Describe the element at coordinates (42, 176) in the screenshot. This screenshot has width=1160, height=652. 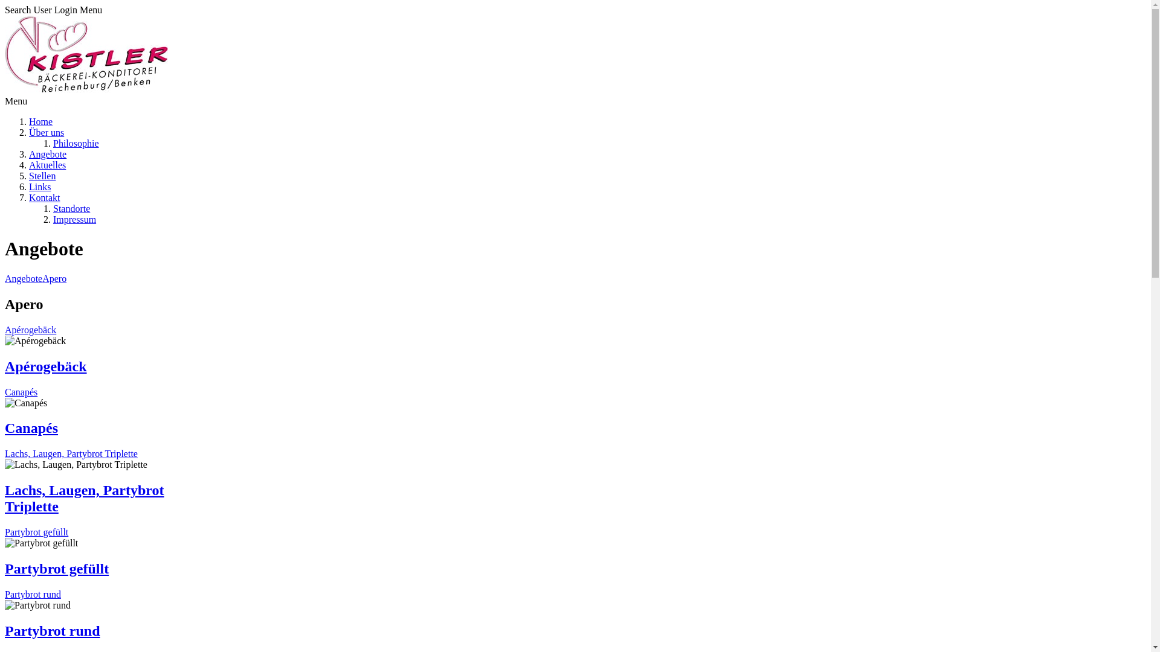
I see `'Stellen'` at that location.